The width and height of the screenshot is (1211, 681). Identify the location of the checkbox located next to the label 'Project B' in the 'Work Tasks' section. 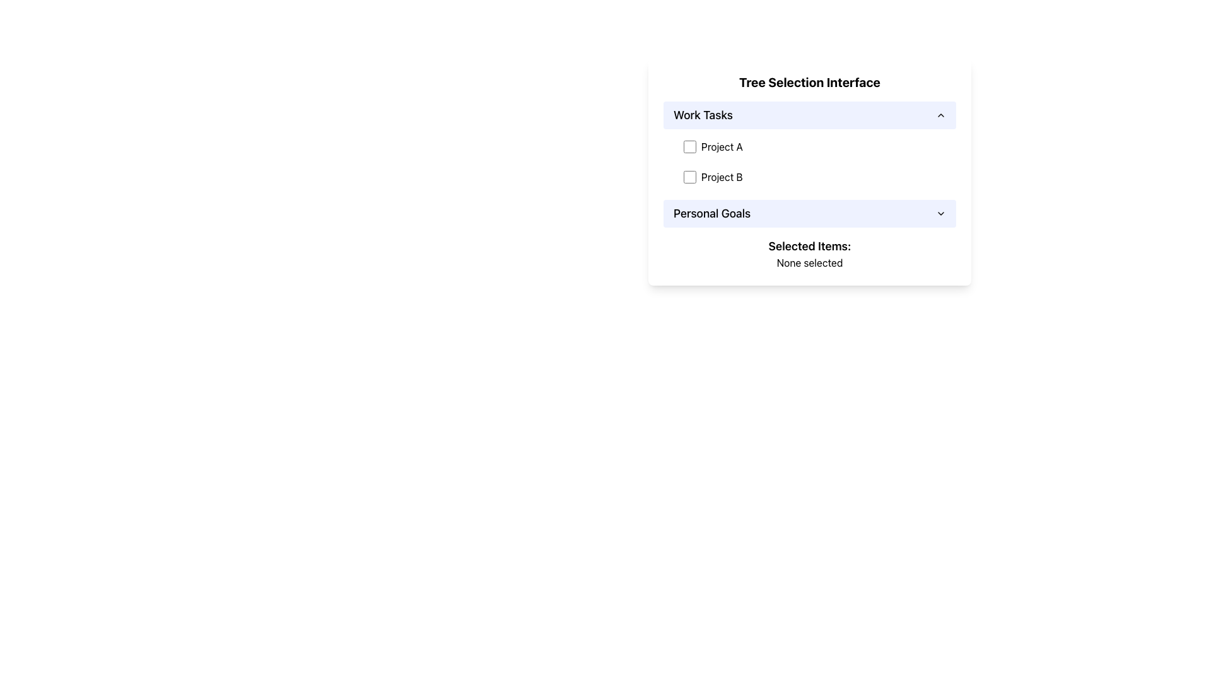
(689, 177).